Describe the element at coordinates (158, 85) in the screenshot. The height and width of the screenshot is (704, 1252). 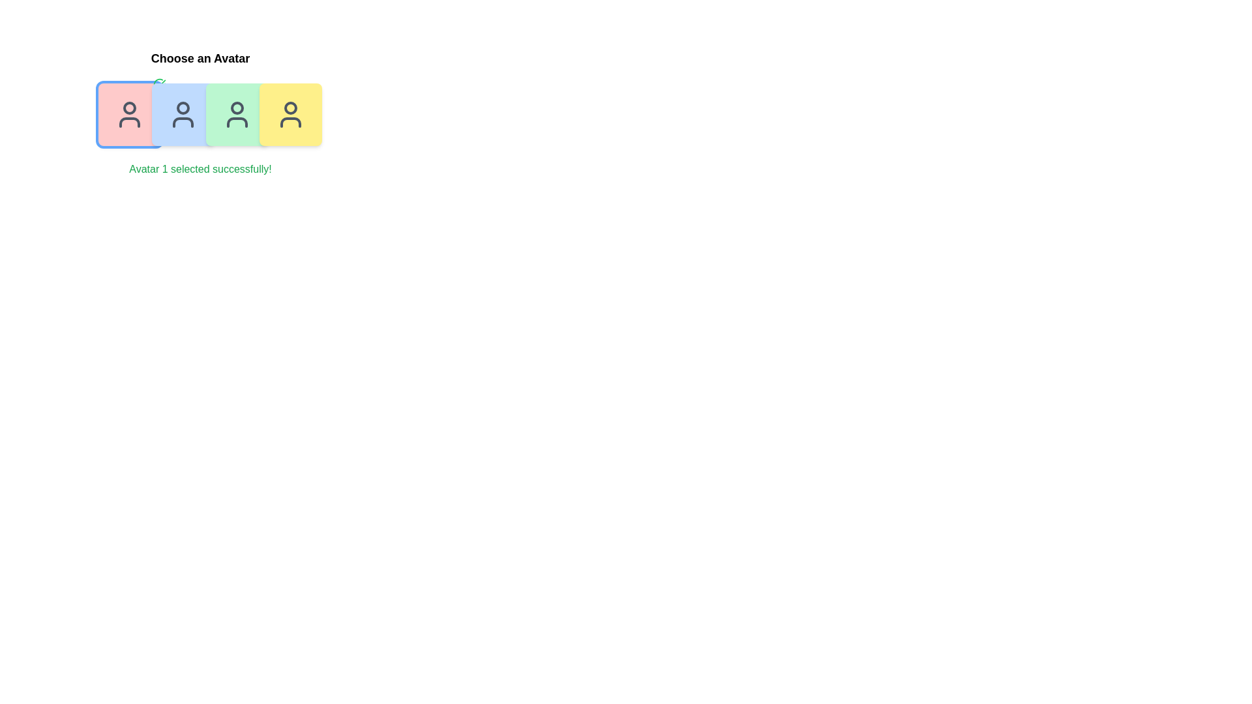
I see `the state change of the circular check icon with a red background and blue border located at the top-right of the first selectable avatar card` at that location.